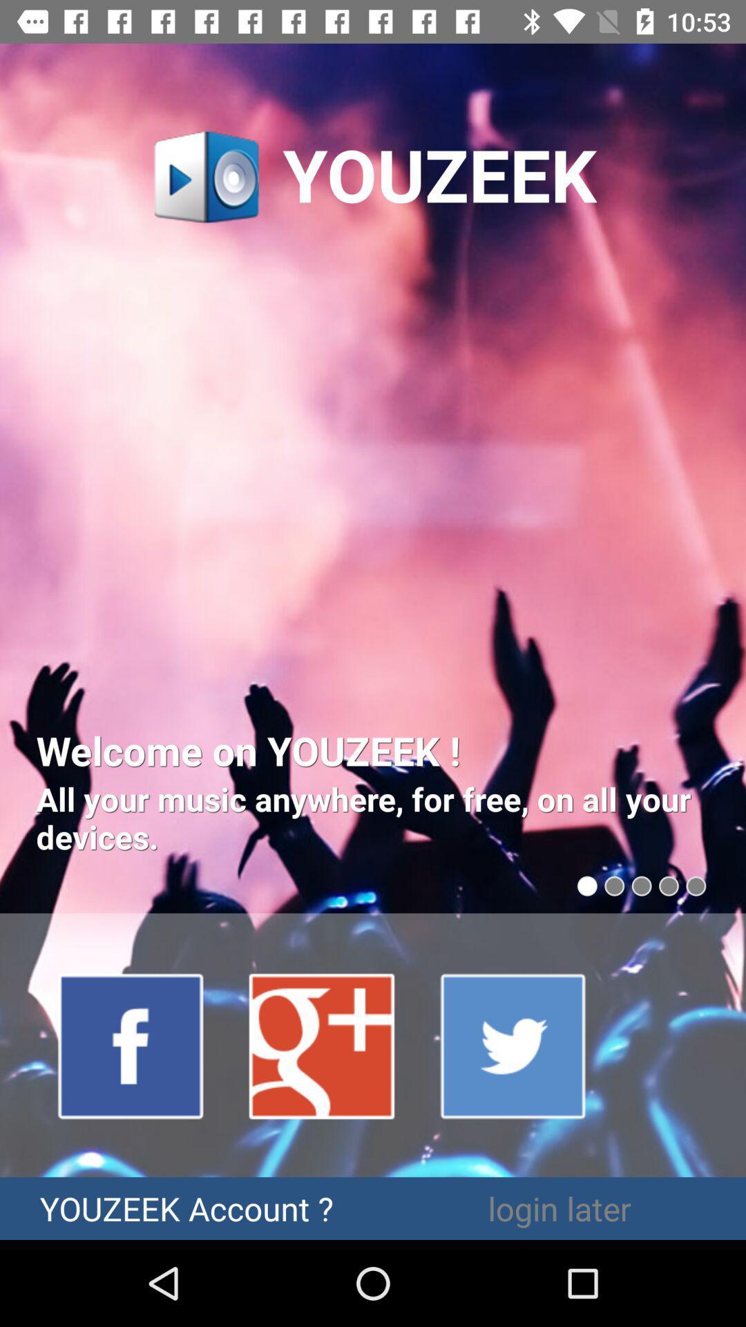 Image resolution: width=746 pixels, height=1327 pixels. I want to click on google plus account, so click(323, 1045).